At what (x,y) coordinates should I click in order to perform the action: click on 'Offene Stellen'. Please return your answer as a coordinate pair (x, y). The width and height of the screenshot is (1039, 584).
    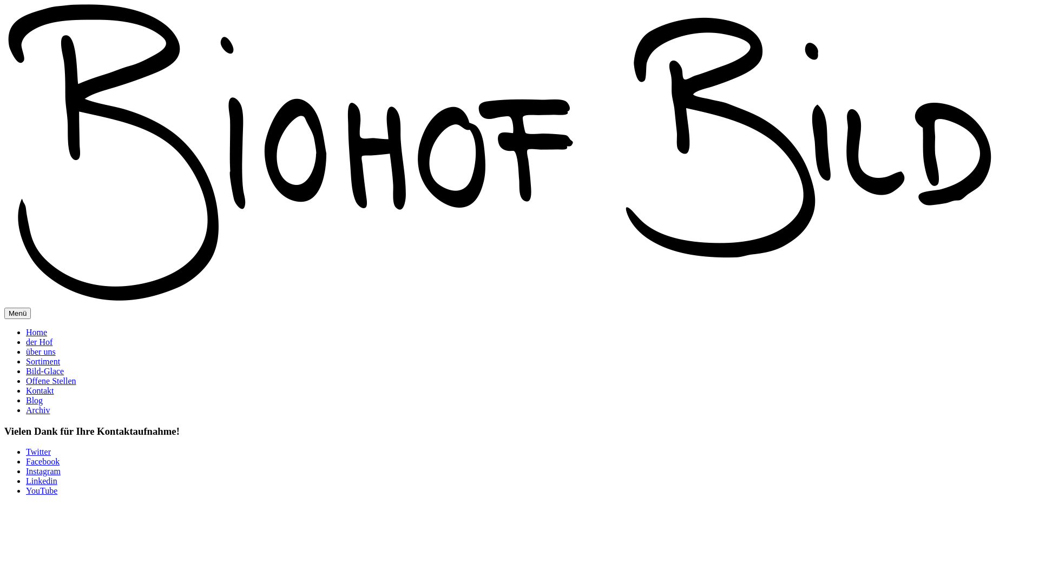
    Looking at the image, I should click on (50, 380).